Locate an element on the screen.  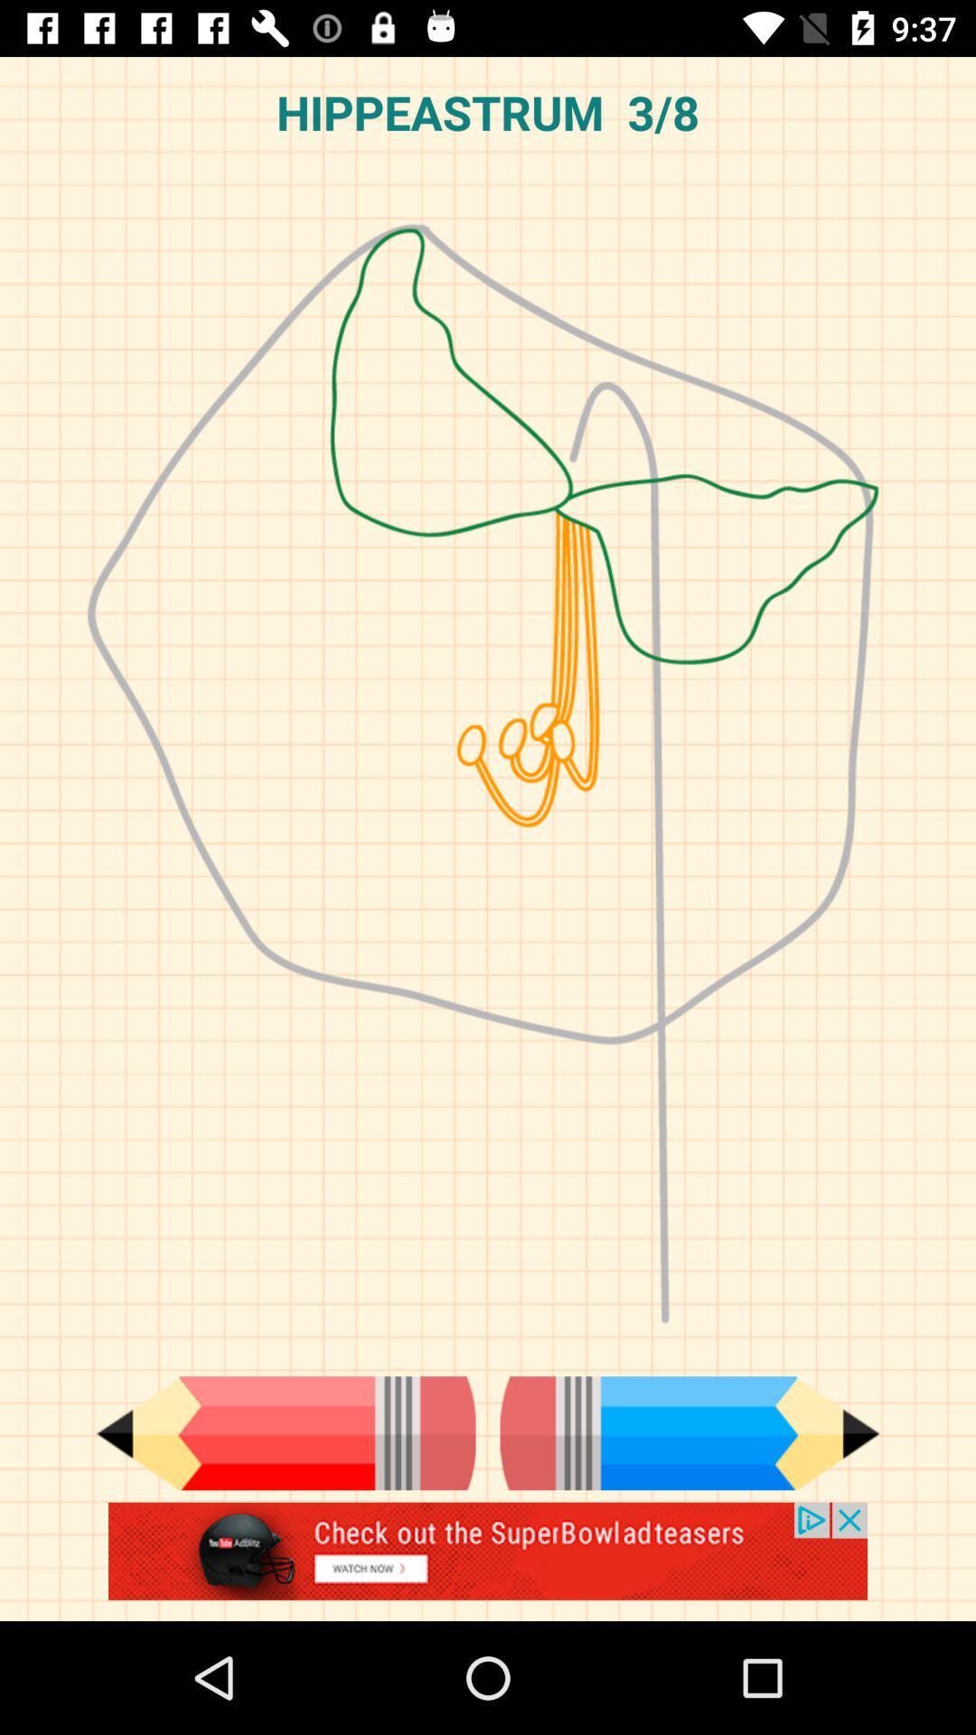
advertisement is located at coordinates (488, 1561).